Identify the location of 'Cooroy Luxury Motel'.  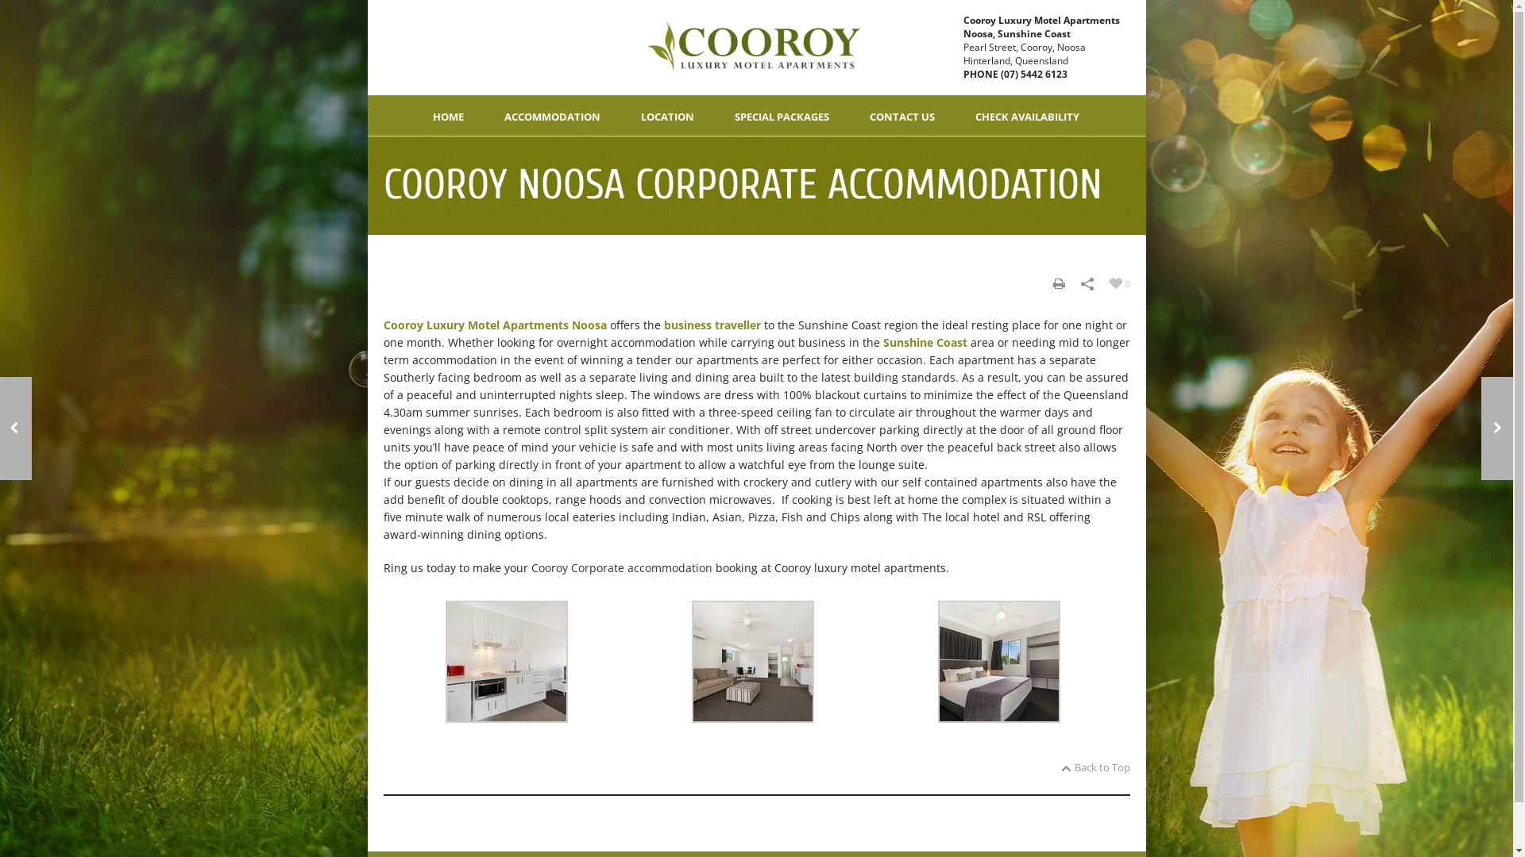
(755, 47).